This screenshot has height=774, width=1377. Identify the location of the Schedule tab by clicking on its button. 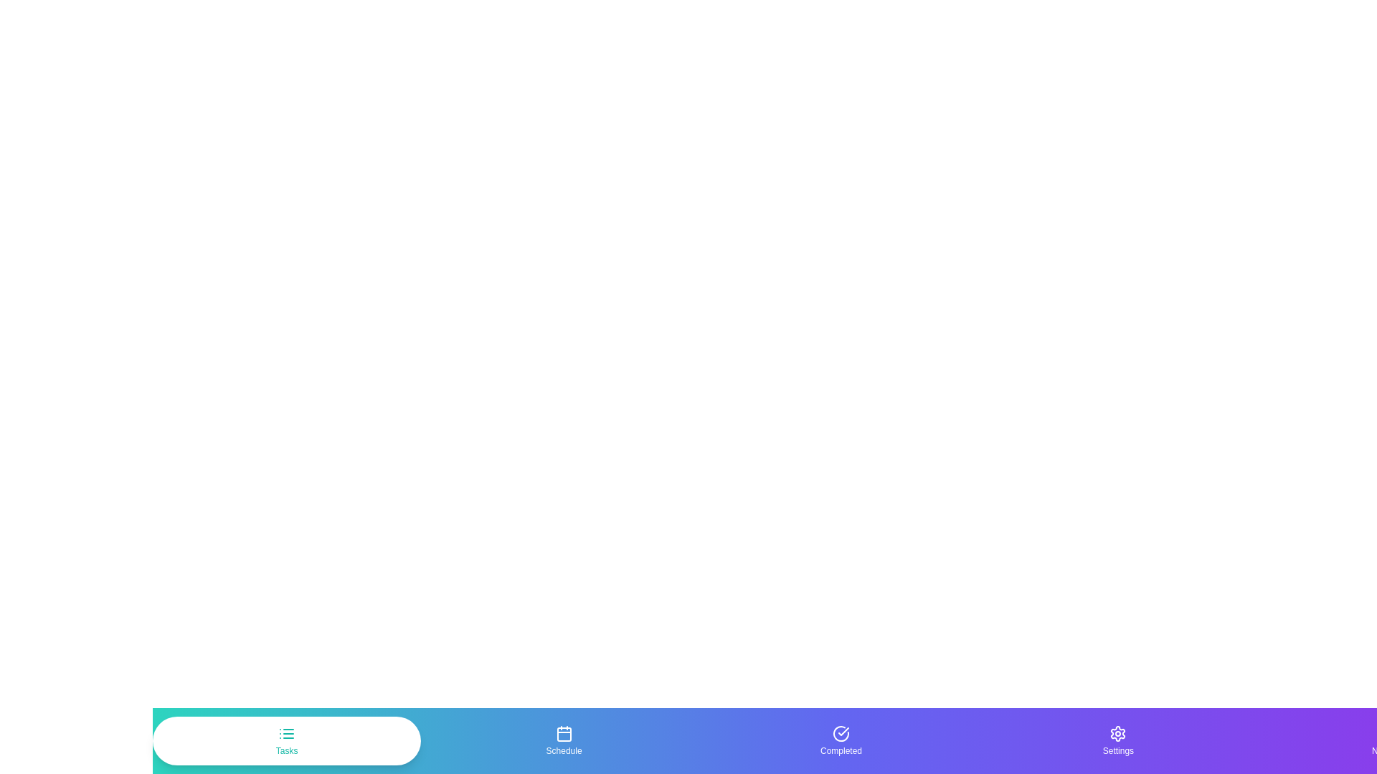
(563, 740).